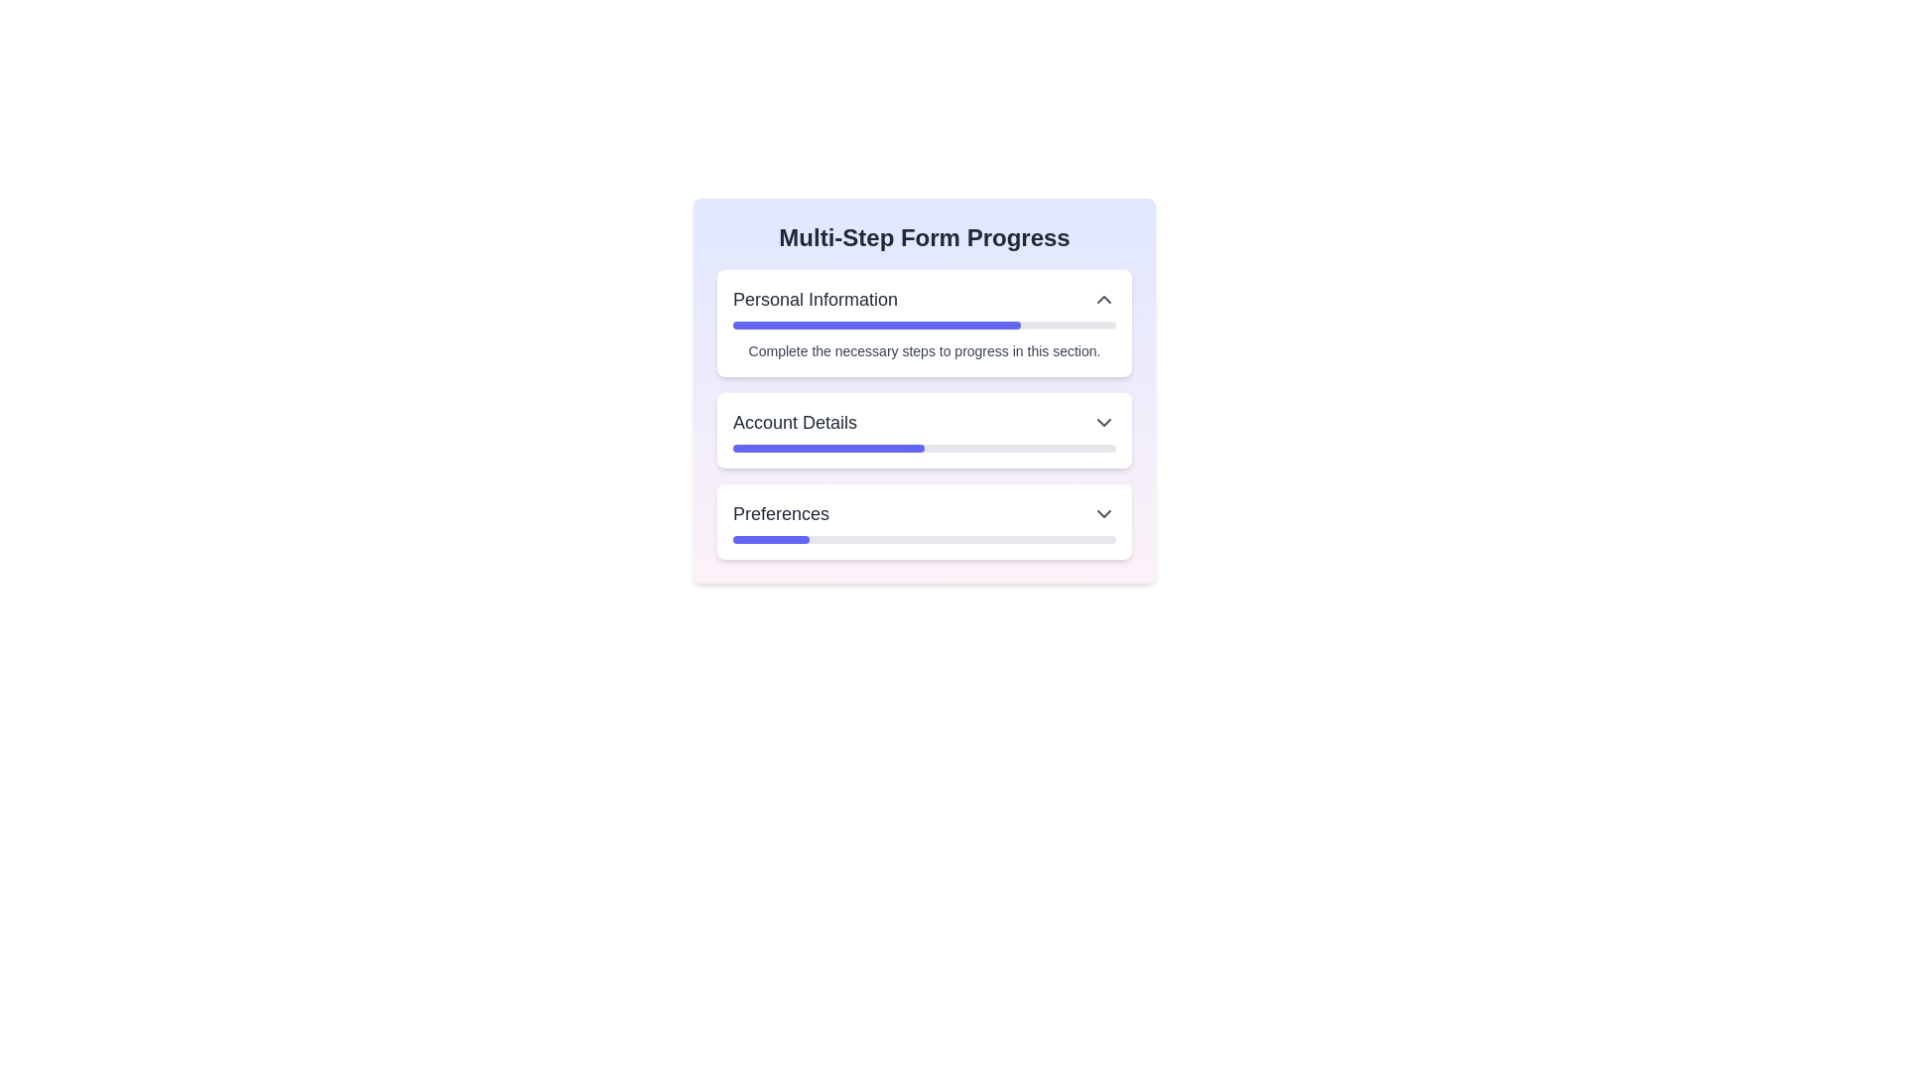  What do you see at coordinates (1103, 512) in the screenshot?
I see `the downward arrow icon styled in dark gray located to the right of the 'Preferences' text` at bounding box center [1103, 512].